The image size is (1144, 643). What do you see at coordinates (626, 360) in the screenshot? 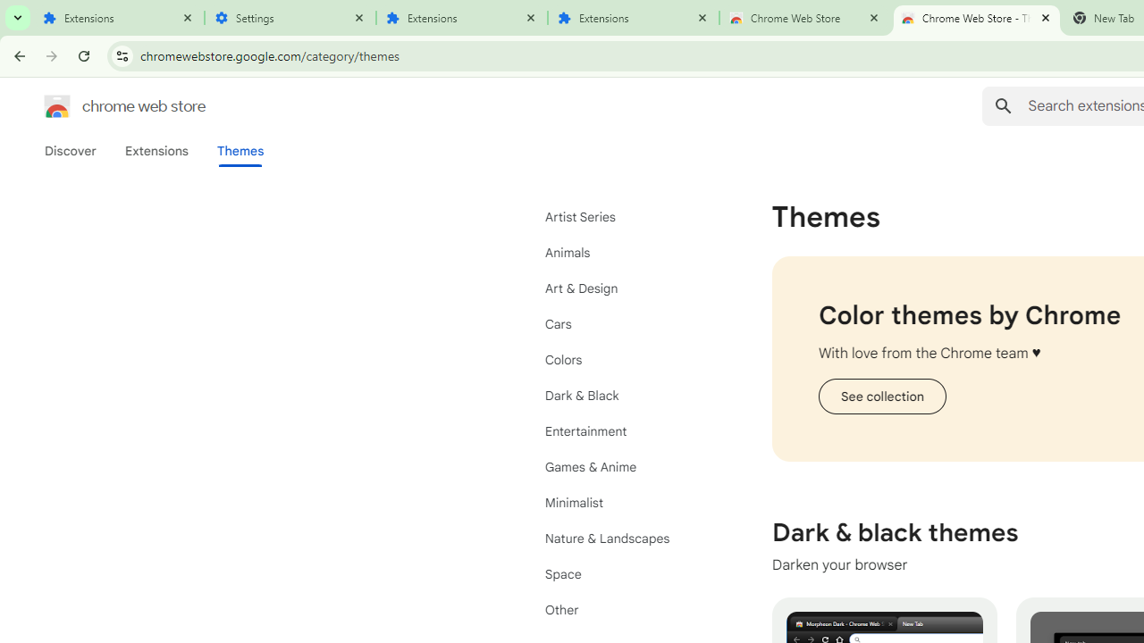
I see `'Colors'` at bounding box center [626, 360].